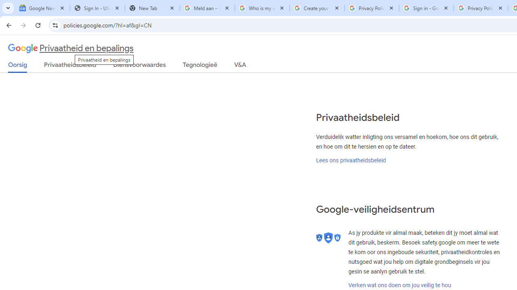 The image size is (517, 290). Describe the element at coordinates (399, 285) in the screenshot. I see `'Verken wat ons doen om jou veilig te hou'` at that location.